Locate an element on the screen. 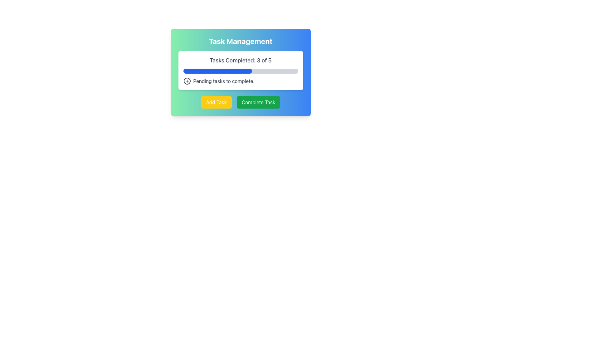 This screenshot has width=599, height=337. the header text element at the top center of the task management section, which serves as the title for the contained elements is located at coordinates (240, 41).